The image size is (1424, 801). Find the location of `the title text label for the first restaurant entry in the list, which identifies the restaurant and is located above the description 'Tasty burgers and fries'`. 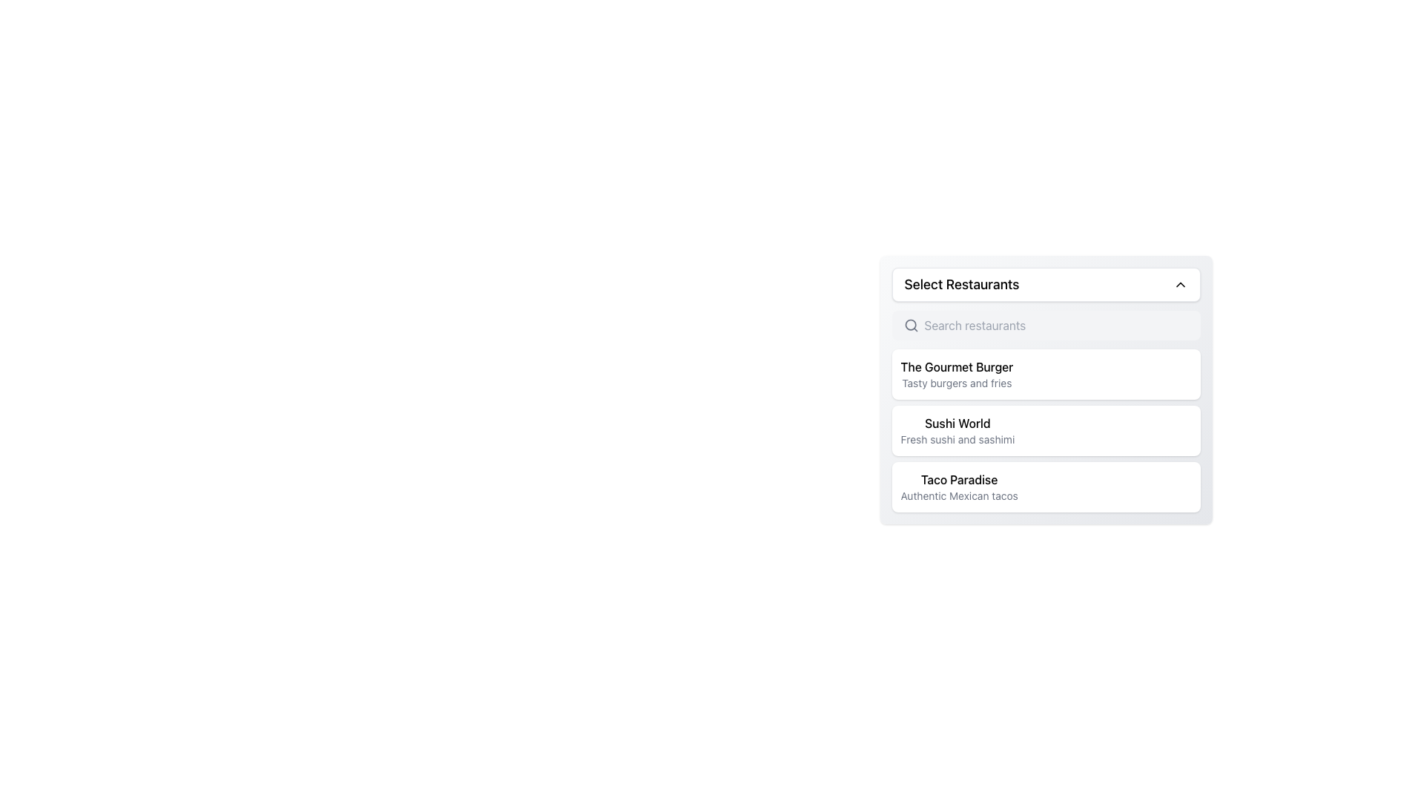

the title text label for the first restaurant entry in the list, which identifies the restaurant and is located above the description 'Tasty burgers and fries' is located at coordinates (957, 366).